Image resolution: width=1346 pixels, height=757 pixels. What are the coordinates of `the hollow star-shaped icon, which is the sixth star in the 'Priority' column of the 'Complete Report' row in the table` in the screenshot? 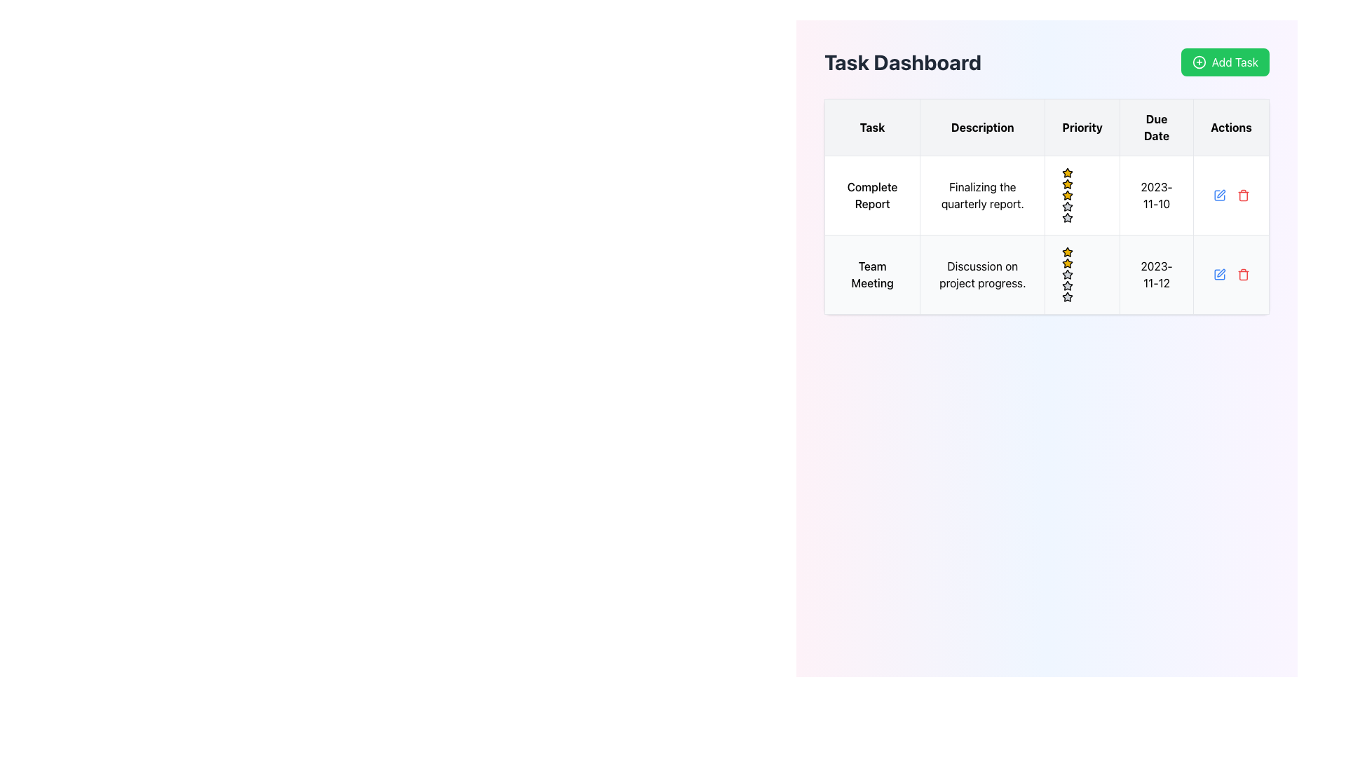 It's located at (1067, 218).